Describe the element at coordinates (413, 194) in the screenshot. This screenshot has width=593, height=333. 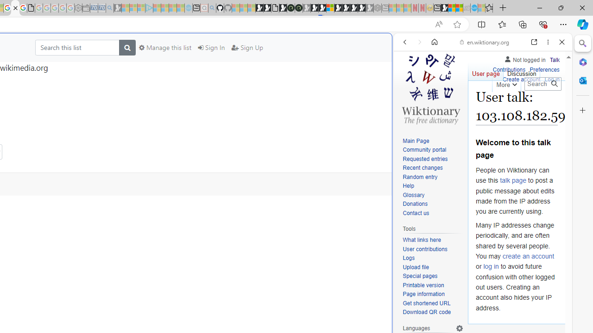
I see `'Glossary'` at that location.